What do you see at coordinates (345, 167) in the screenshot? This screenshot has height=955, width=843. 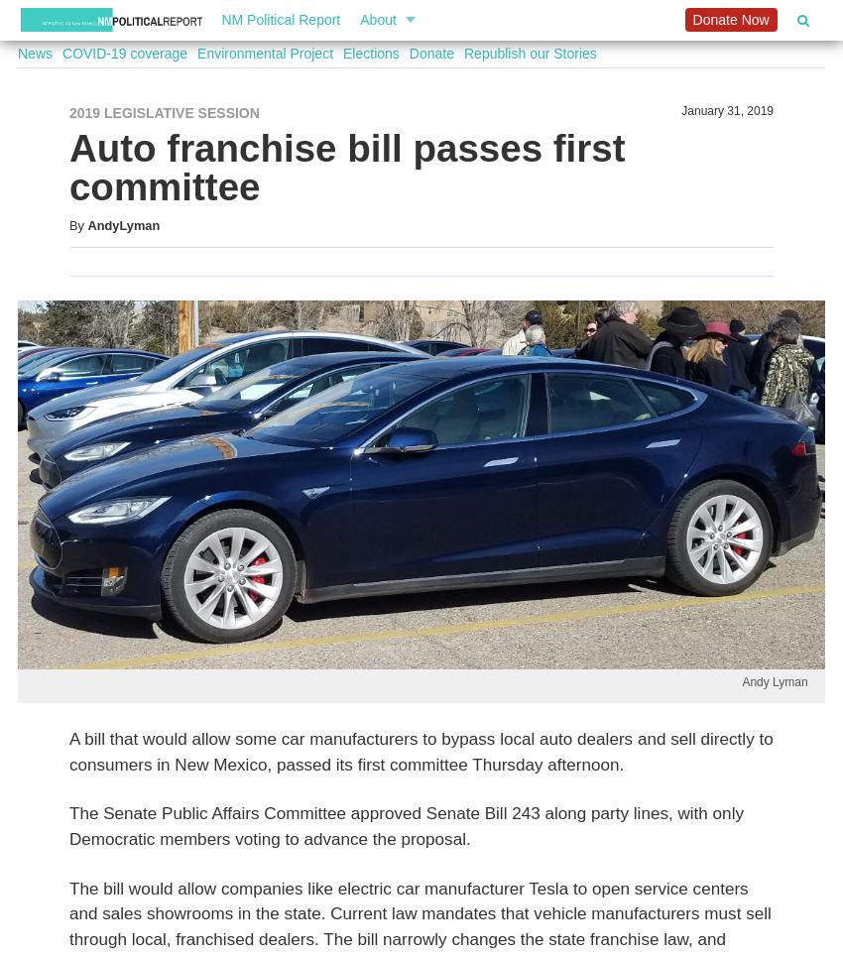 I see `'Auto franchise bill passes first committee'` at bounding box center [345, 167].